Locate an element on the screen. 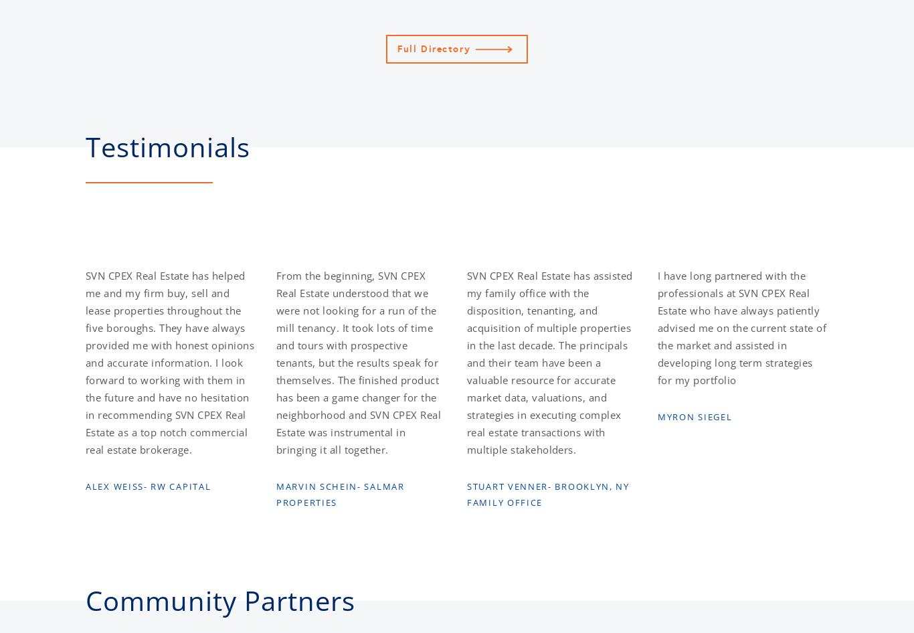  'Testimonials' is located at coordinates (167, 147).